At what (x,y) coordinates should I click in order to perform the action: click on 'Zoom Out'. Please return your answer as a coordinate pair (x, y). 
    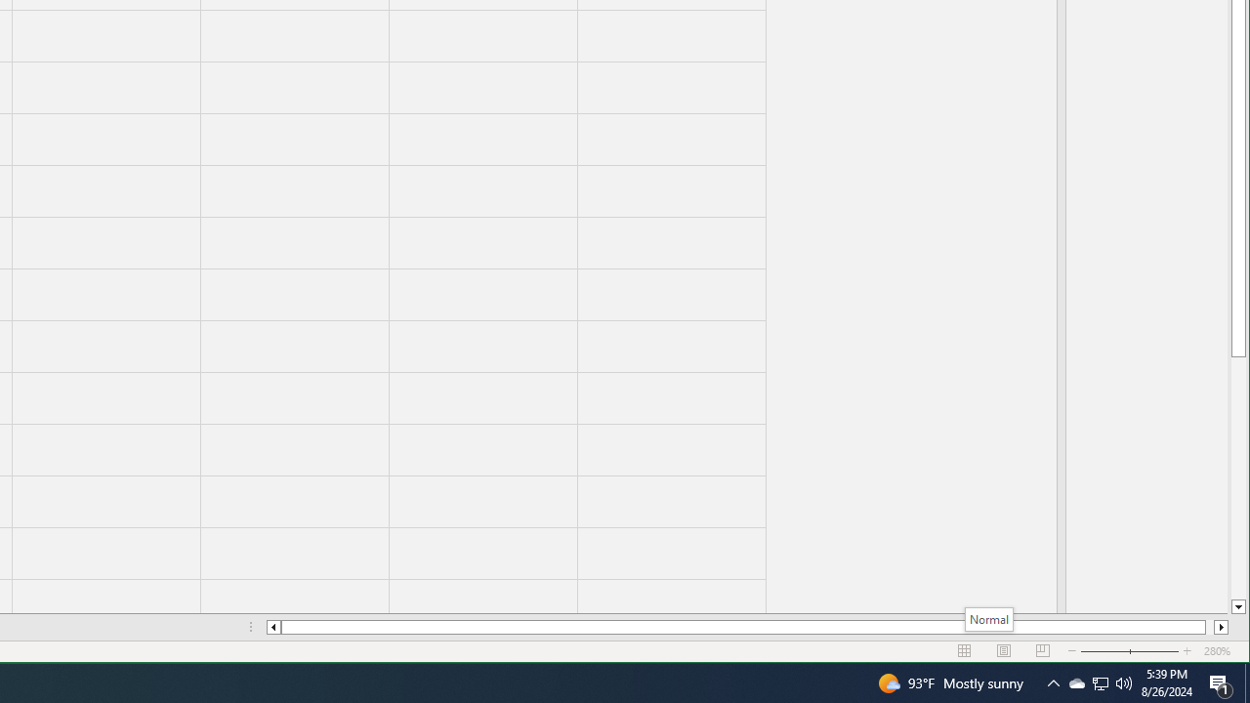
    Looking at the image, I should click on (1117, 651).